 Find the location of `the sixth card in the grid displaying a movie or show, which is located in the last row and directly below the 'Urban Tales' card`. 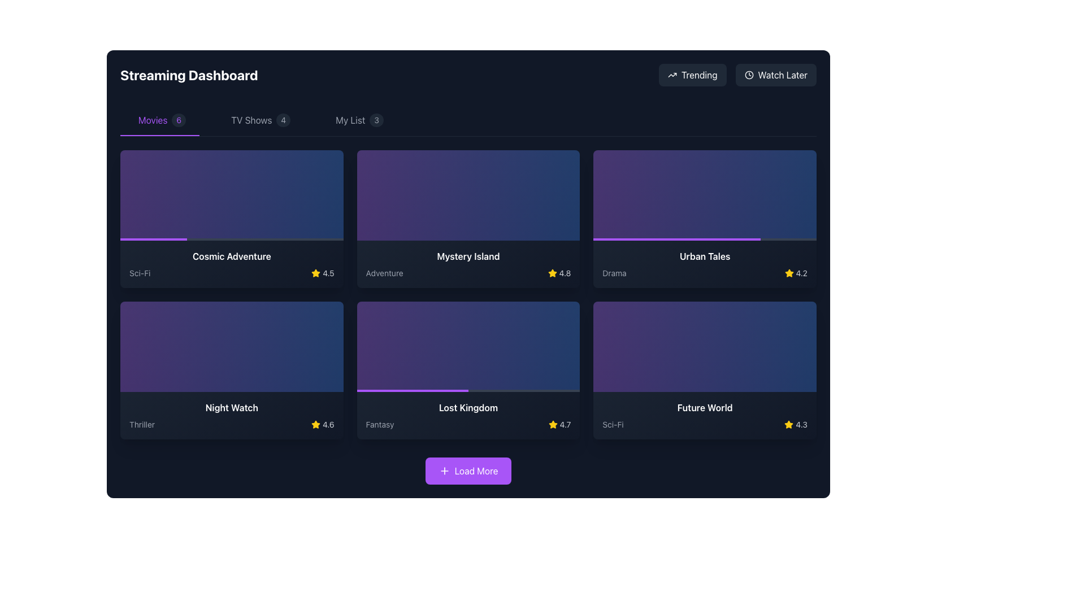

the sixth card in the grid displaying a movie or show, which is located in the last row and directly below the 'Urban Tales' card is located at coordinates (704, 370).